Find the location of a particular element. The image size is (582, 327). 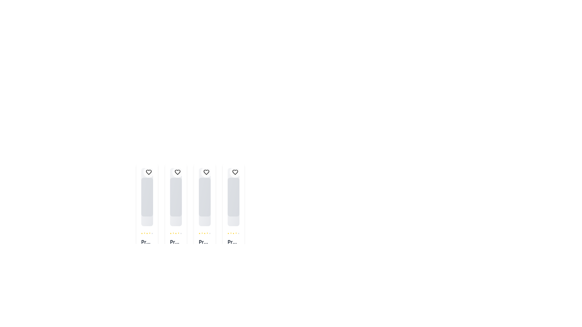

the heart-shaped icon button located is located at coordinates (177, 172).